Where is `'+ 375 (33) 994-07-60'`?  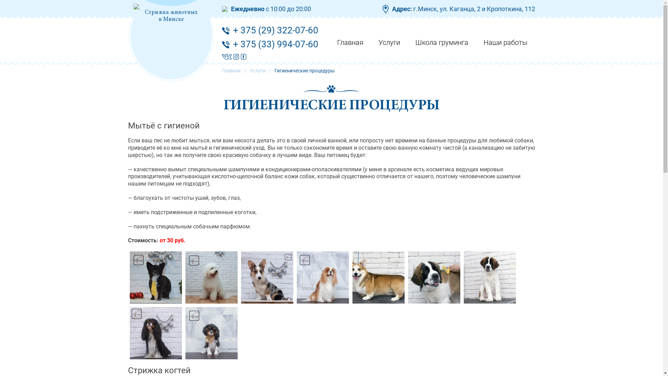 '+ 375 (33) 994-07-60' is located at coordinates (233, 44).